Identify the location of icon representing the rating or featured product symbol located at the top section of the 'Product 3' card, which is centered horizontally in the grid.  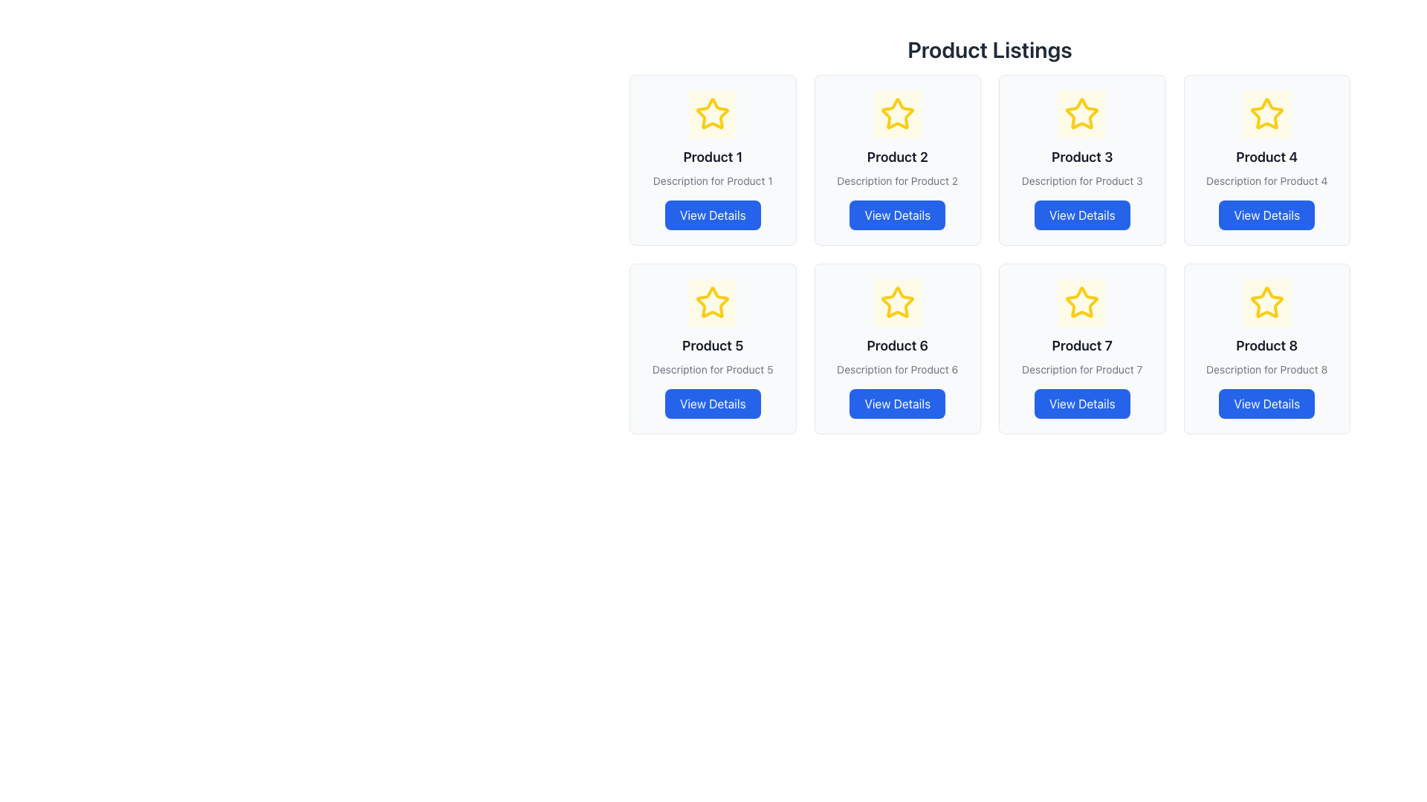
(1082, 114).